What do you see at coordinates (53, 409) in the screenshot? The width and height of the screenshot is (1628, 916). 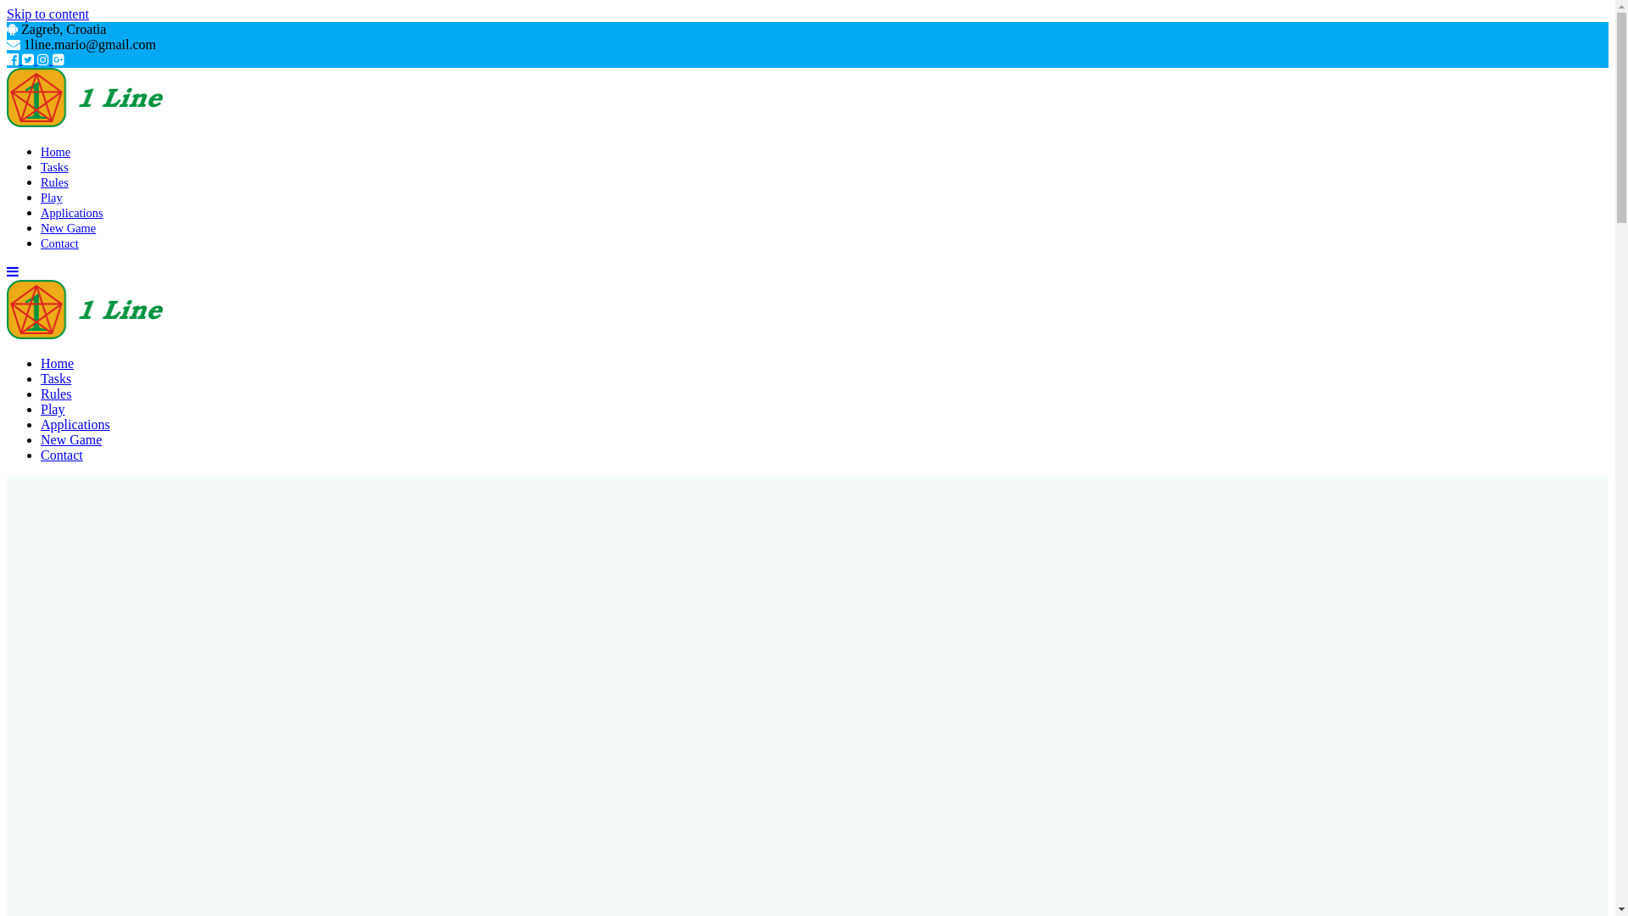 I see `'Play'` at bounding box center [53, 409].